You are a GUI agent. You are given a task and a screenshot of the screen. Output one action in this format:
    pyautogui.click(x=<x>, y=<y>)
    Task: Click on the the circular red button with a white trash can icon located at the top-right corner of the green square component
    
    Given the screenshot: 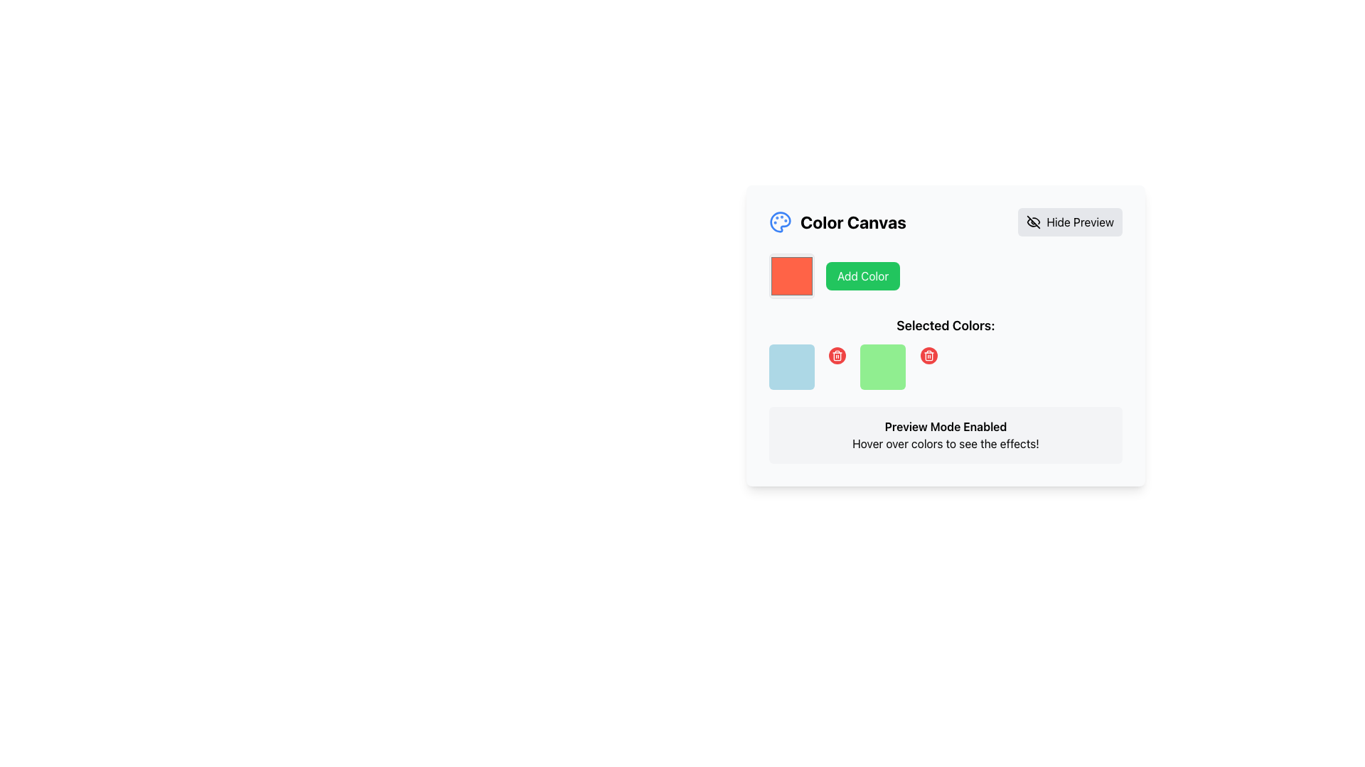 What is the action you would take?
    pyautogui.click(x=928, y=355)
    